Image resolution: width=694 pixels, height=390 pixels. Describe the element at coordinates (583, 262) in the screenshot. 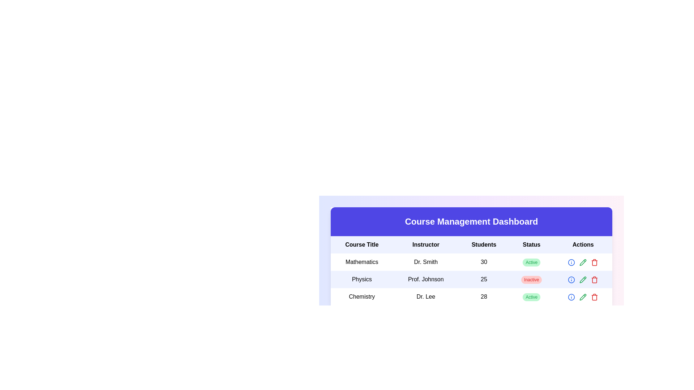

I see `the edit icon in the 'Actions' column for the 'Physics' course to initiate the edit action` at that location.